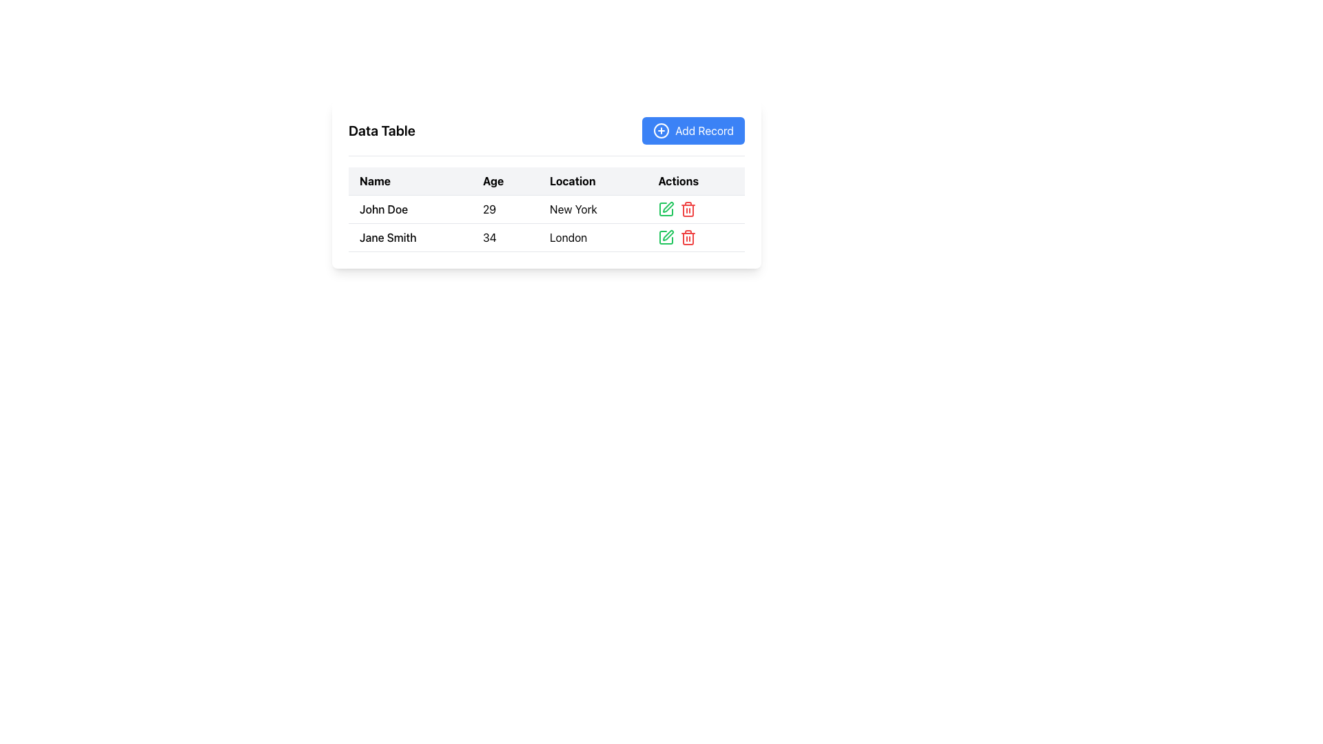 The width and height of the screenshot is (1323, 744). Describe the element at coordinates (666, 209) in the screenshot. I see `the green-colored pencil icon styled as an edit button in the 'Actions' column of the first row of the table` at that location.